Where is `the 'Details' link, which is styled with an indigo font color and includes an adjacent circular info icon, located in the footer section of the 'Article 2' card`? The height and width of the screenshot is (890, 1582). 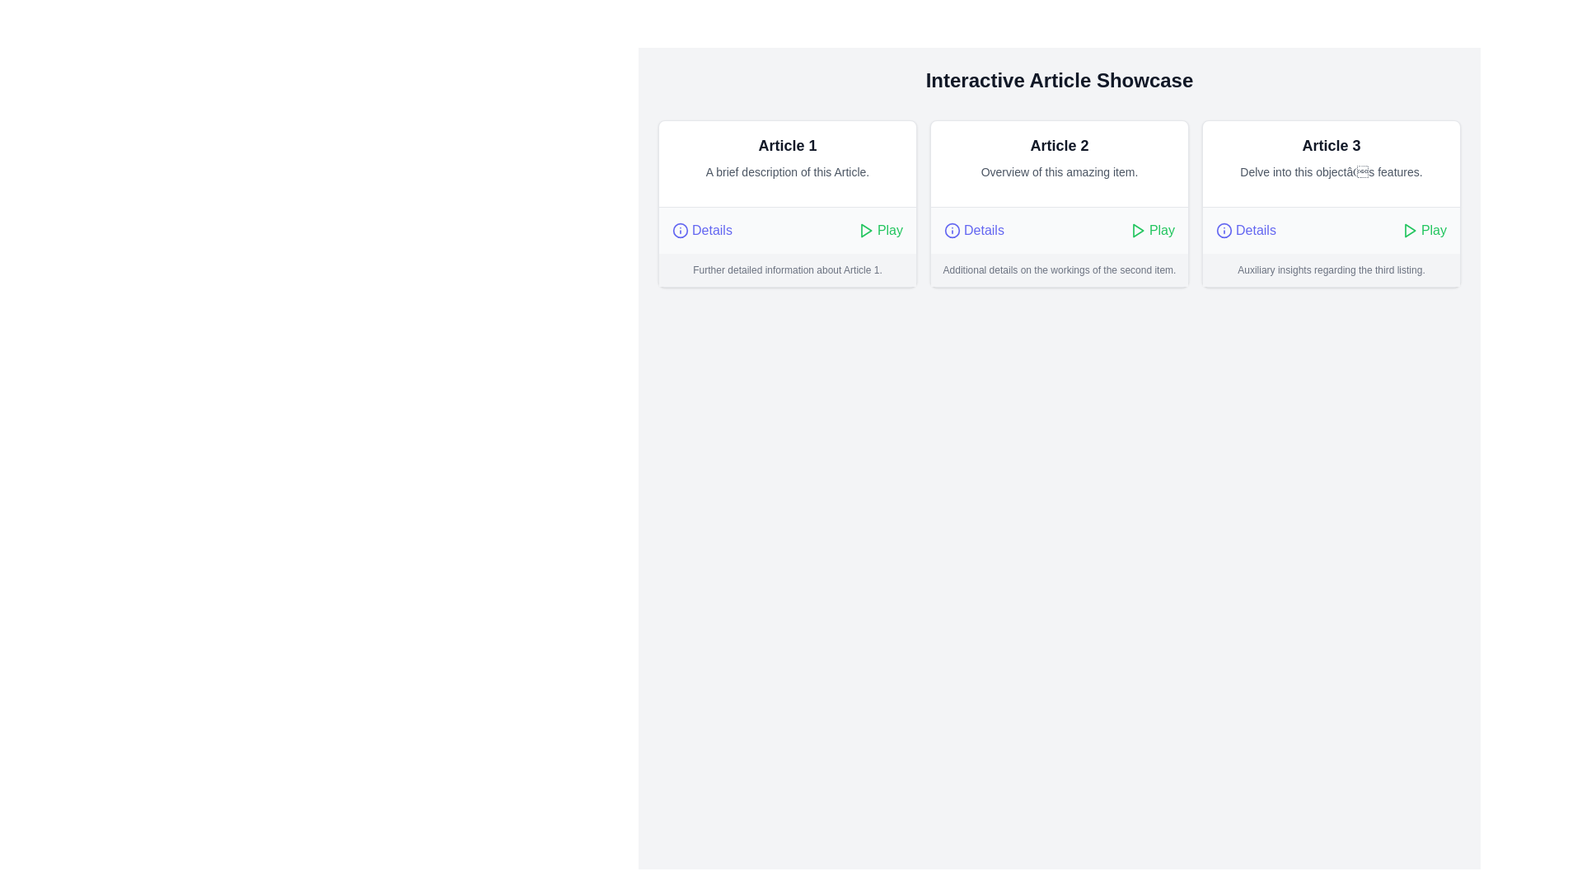
the 'Details' link, which is styled with an indigo font color and includes an adjacent circular info icon, located in the footer section of the 'Article 2' card is located at coordinates (974, 231).